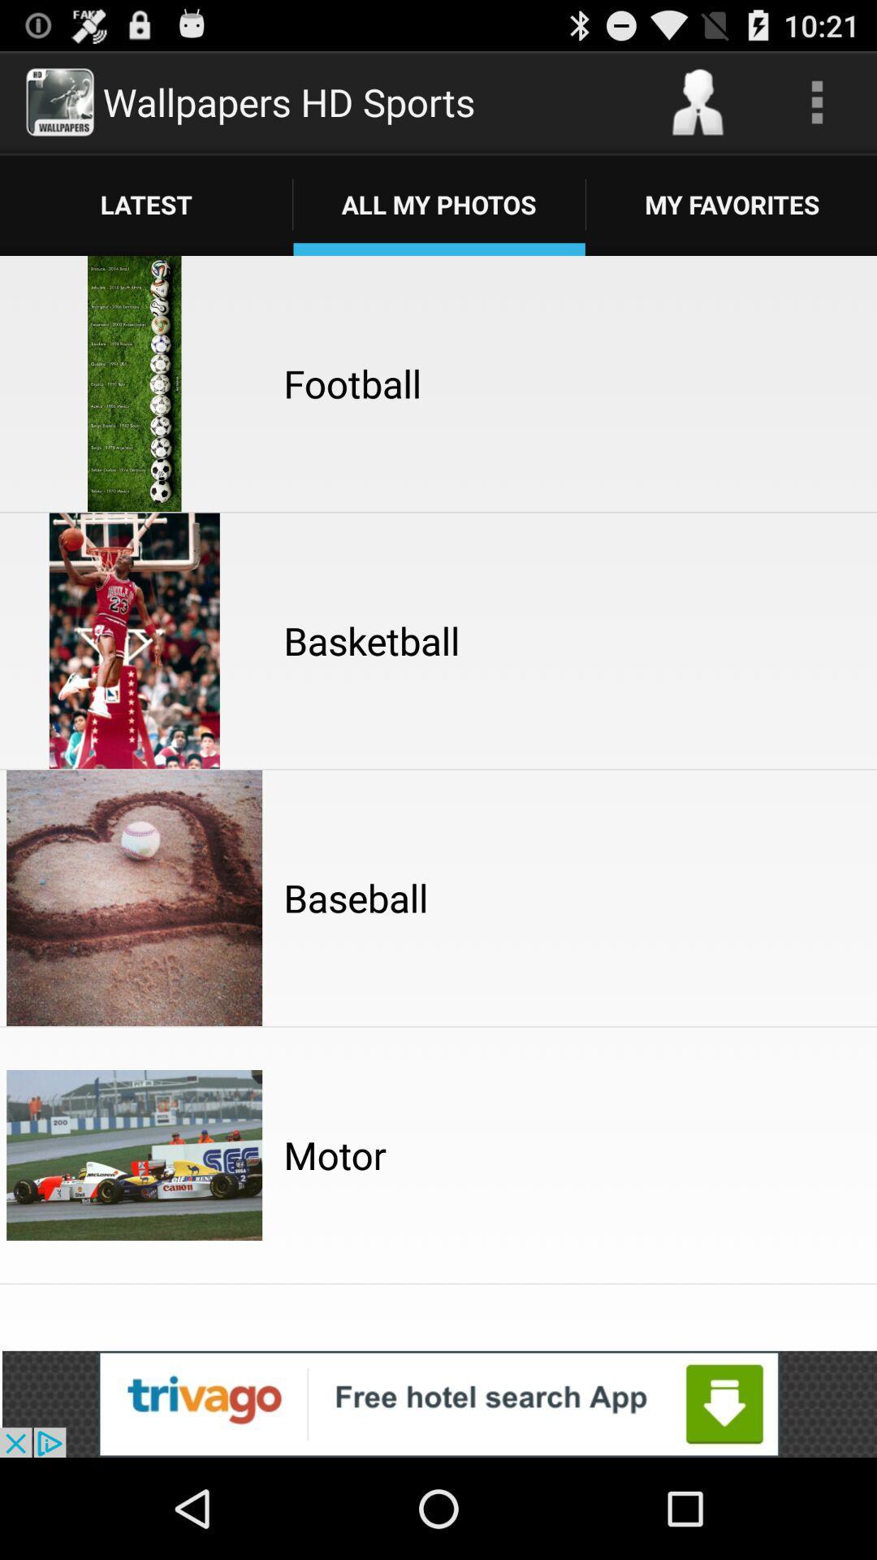 The height and width of the screenshot is (1560, 877). I want to click on adiveristment, so click(438, 1403).